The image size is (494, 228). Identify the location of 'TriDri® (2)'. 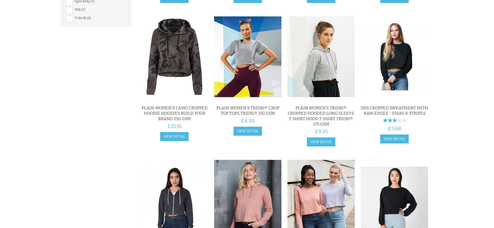
(83, 17).